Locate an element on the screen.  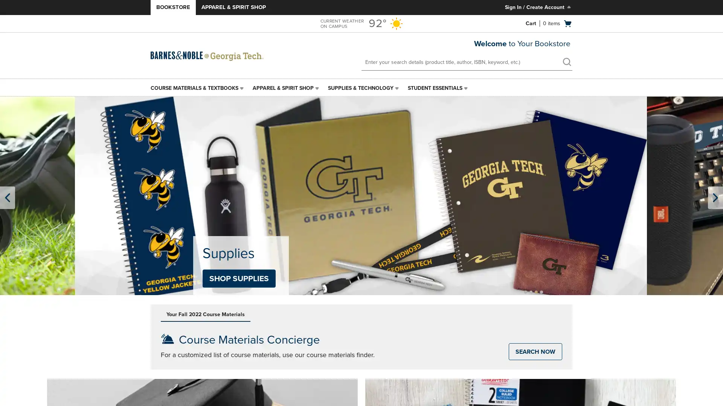
Unselected, Slide 4 is located at coordinates (541, 291).